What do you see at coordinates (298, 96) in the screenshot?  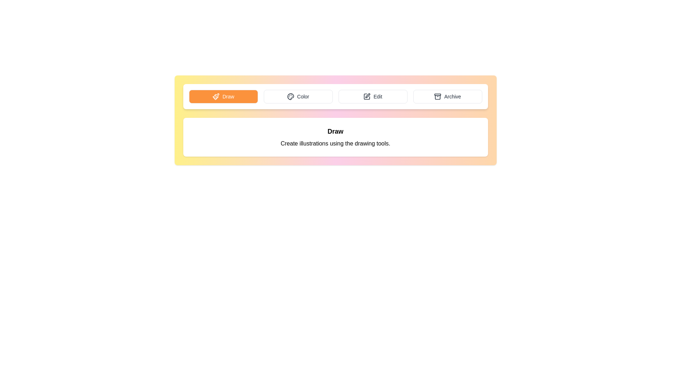 I see `the Color tab by clicking on its button` at bounding box center [298, 96].